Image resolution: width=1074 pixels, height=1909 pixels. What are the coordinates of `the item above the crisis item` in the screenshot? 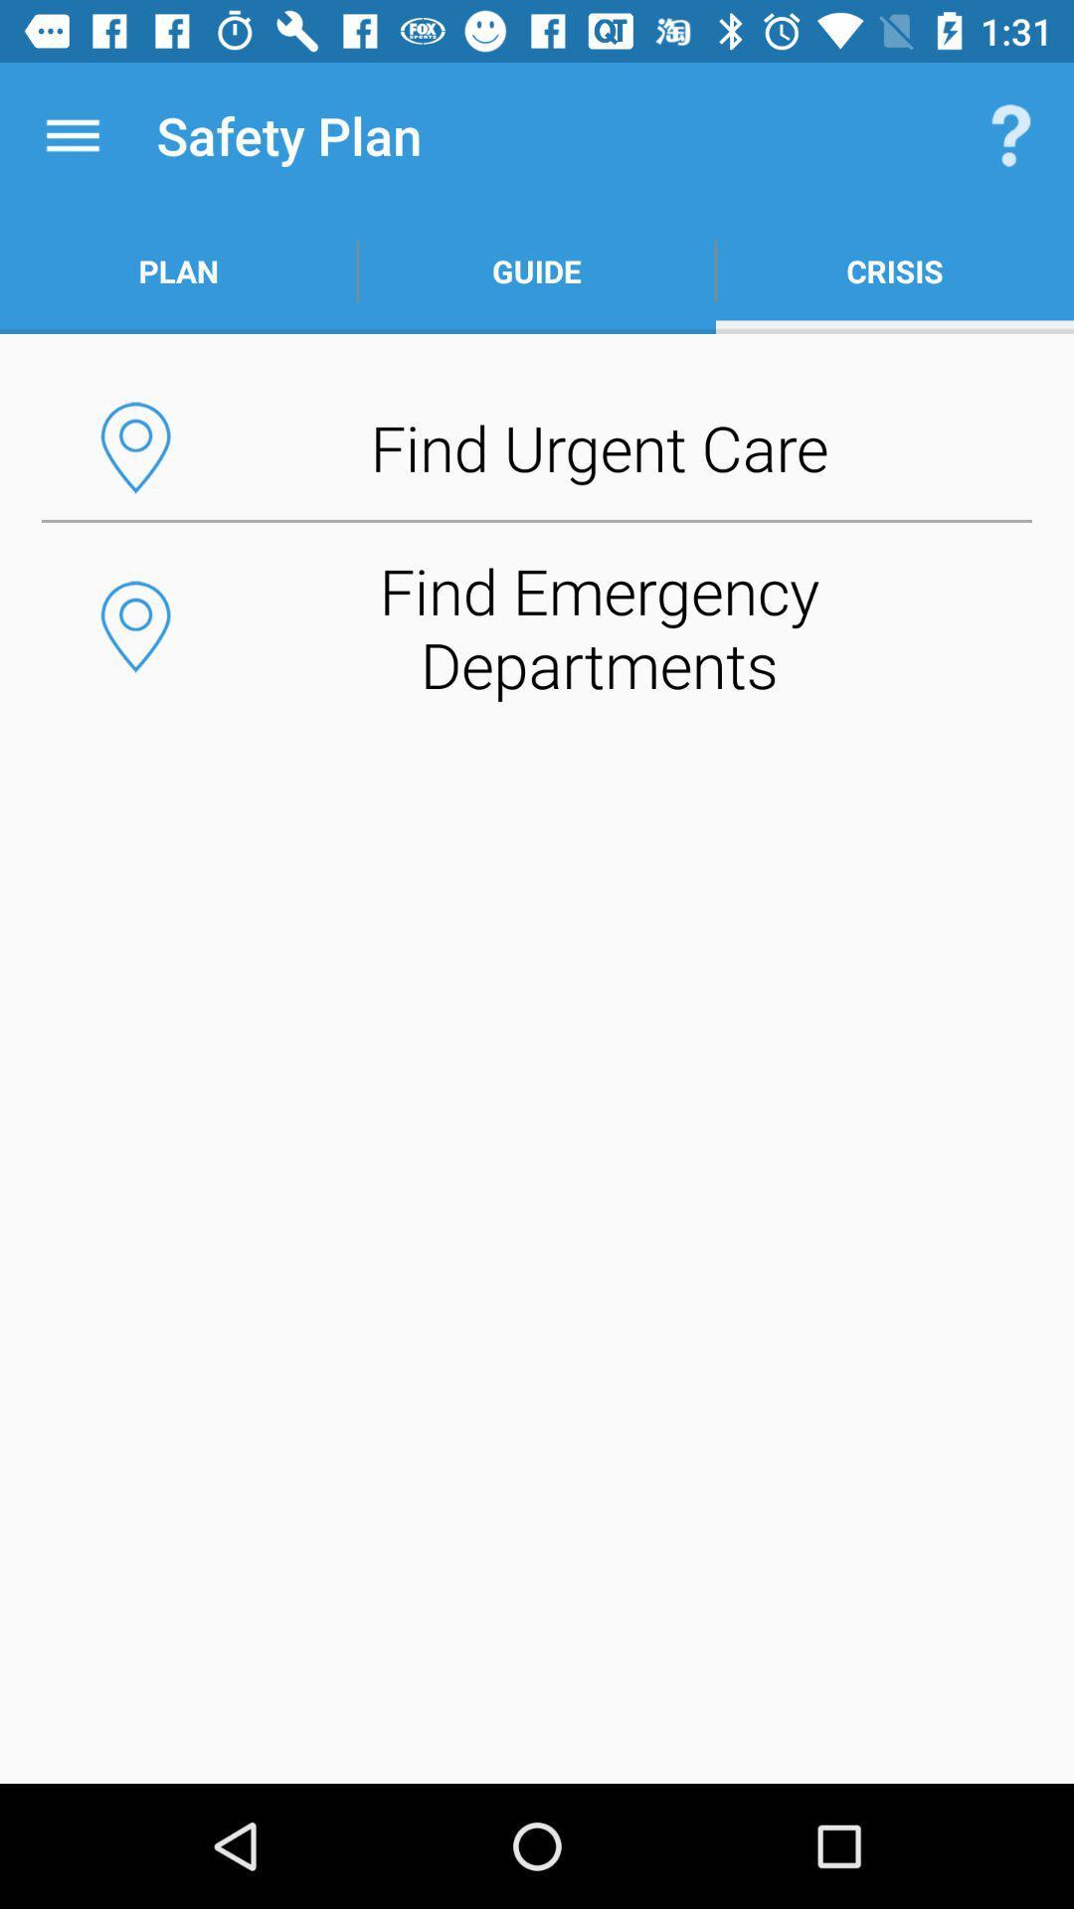 It's located at (1011, 134).